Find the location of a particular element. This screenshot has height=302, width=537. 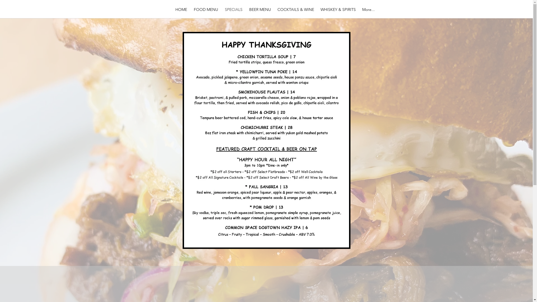

'FOOD MENU' is located at coordinates (205, 9).